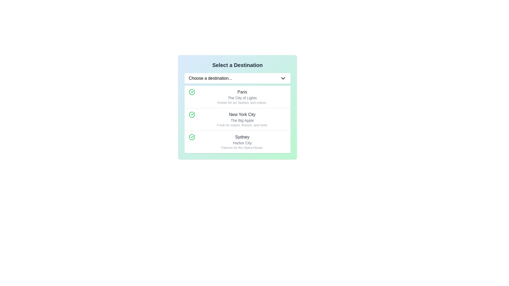 The width and height of the screenshot is (509, 286). I want to click on the third list item that allows users to select Sydney as a destination, so click(237, 141).